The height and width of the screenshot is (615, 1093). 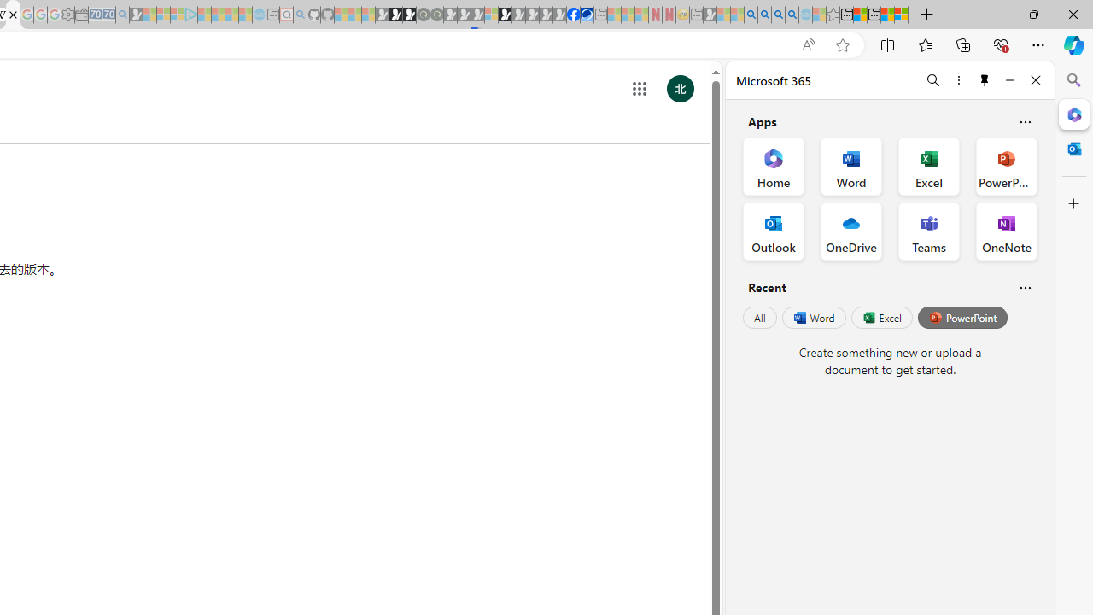 I want to click on 'Future Focus Report 2024 - Sleeping', so click(x=436, y=15).